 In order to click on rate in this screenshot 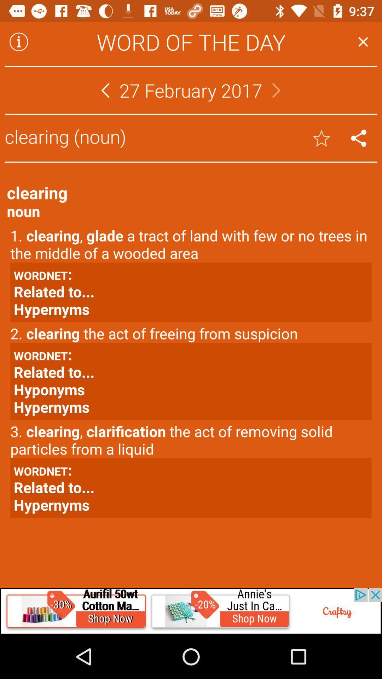, I will do `click(322, 138)`.